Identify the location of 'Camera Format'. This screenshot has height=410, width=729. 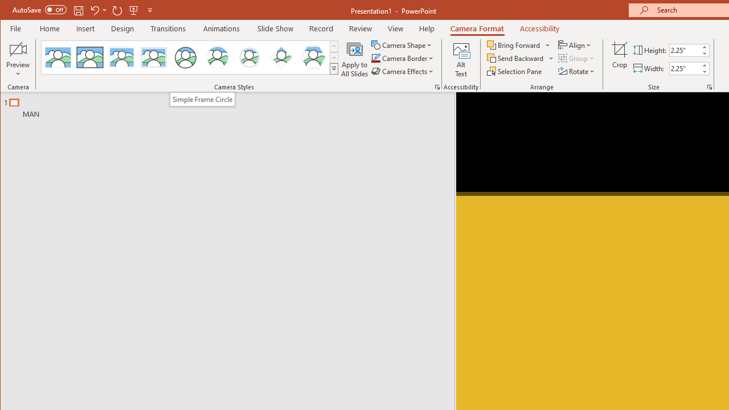
(477, 28).